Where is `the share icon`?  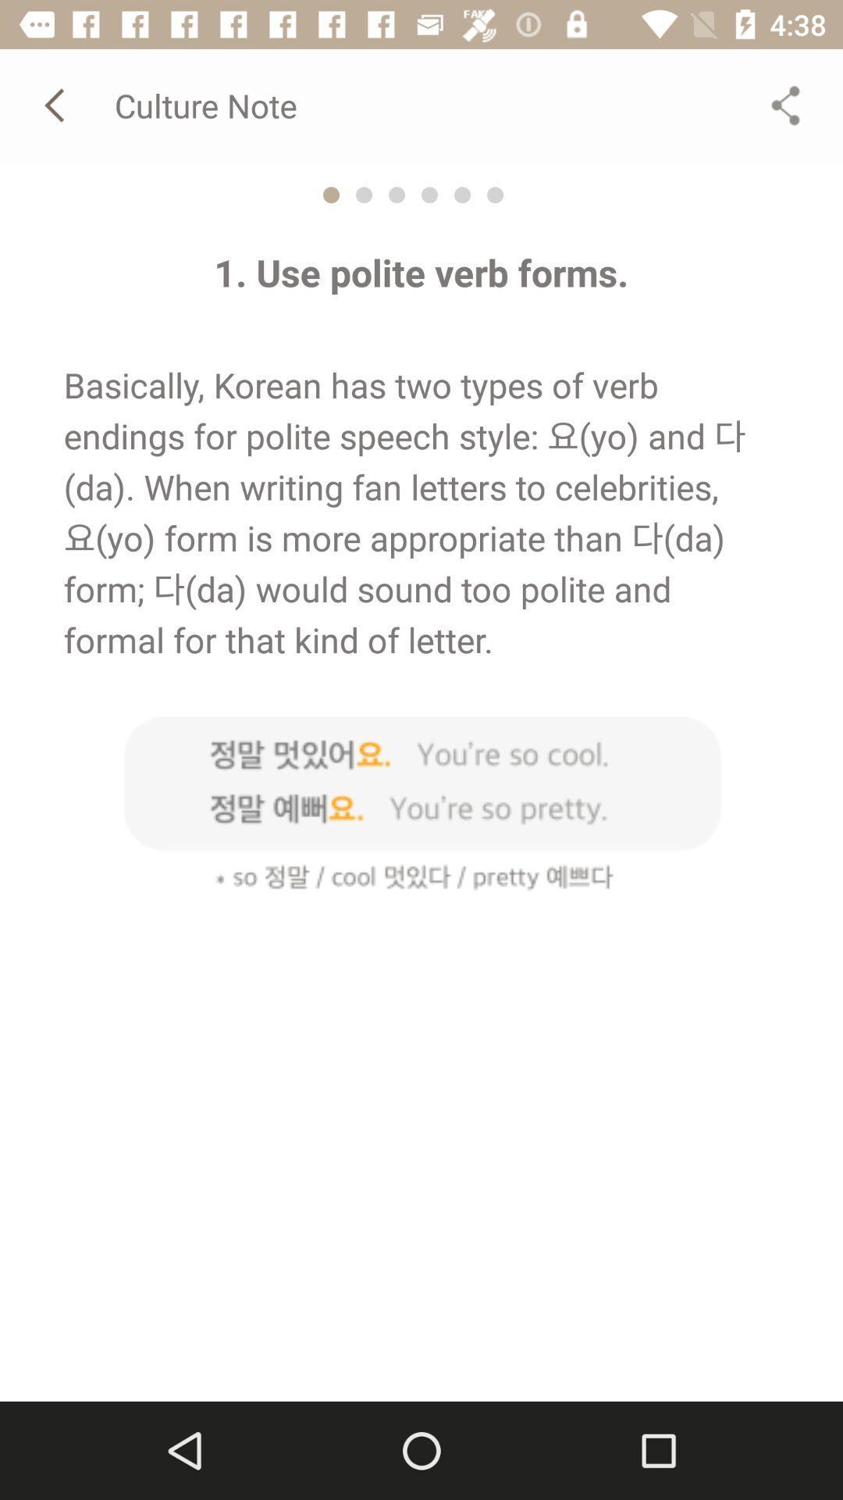 the share icon is located at coordinates (785, 104).